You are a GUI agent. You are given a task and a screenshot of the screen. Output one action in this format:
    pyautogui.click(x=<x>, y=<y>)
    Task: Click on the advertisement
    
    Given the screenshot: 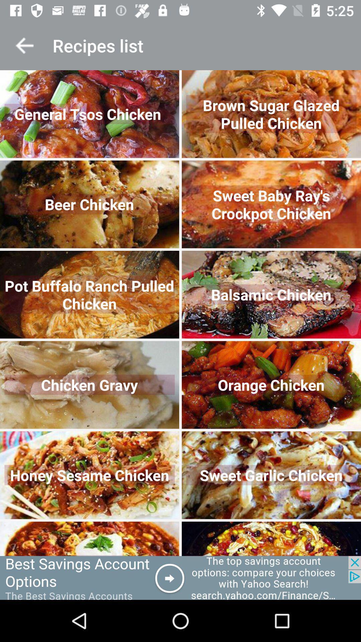 What is the action you would take?
    pyautogui.click(x=180, y=577)
    